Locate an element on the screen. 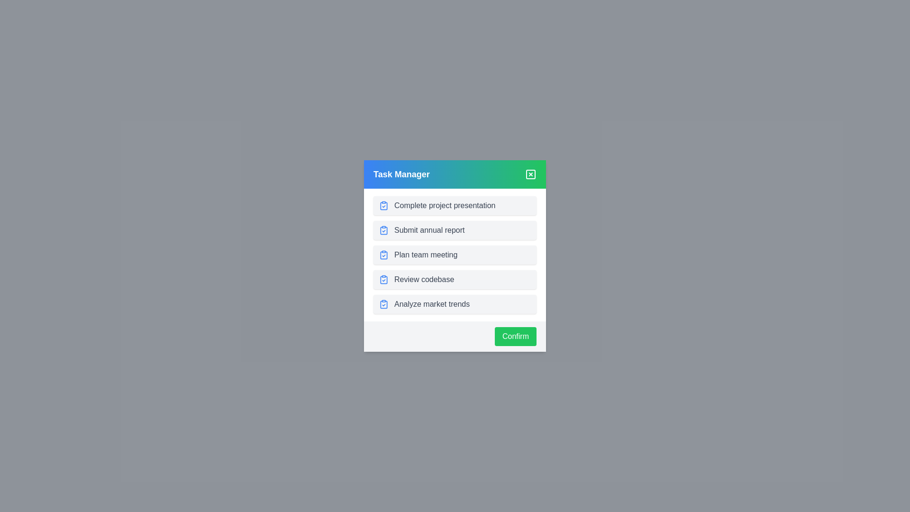  confirm button to acknowledge task completion is located at coordinates (515, 336).